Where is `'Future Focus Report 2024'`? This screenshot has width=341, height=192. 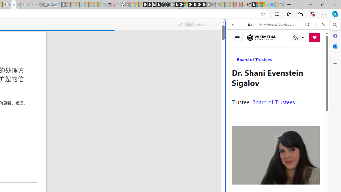
'Future Focus Report 2024' is located at coordinates (167, 5).